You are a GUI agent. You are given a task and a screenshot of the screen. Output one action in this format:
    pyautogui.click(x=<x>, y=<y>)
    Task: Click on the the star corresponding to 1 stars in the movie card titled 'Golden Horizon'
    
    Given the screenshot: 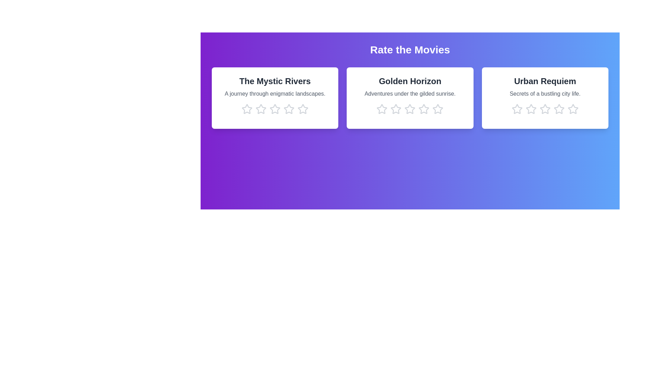 What is the action you would take?
    pyautogui.click(x=382, y=109)
    